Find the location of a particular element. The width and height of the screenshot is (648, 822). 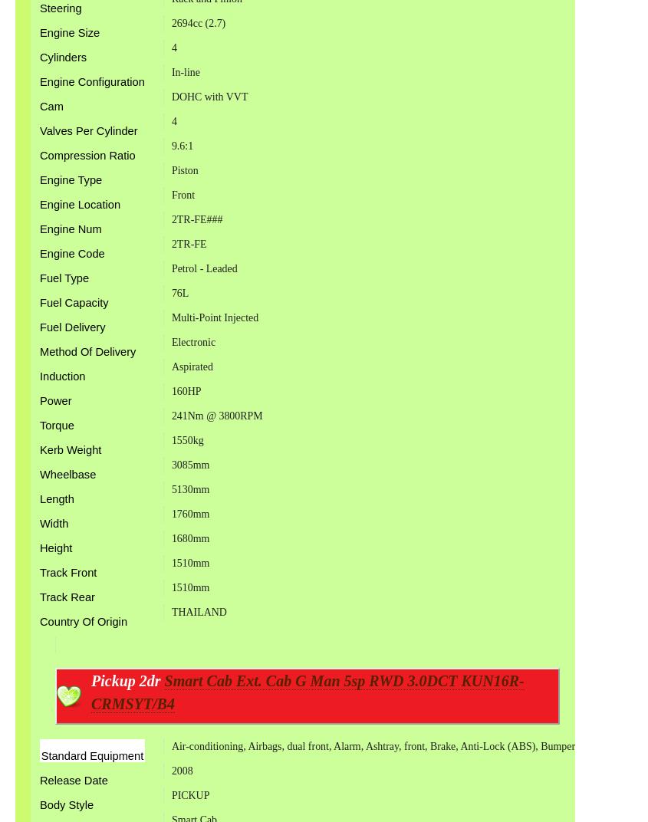

'Torque' is located at coordinates (56, 424).